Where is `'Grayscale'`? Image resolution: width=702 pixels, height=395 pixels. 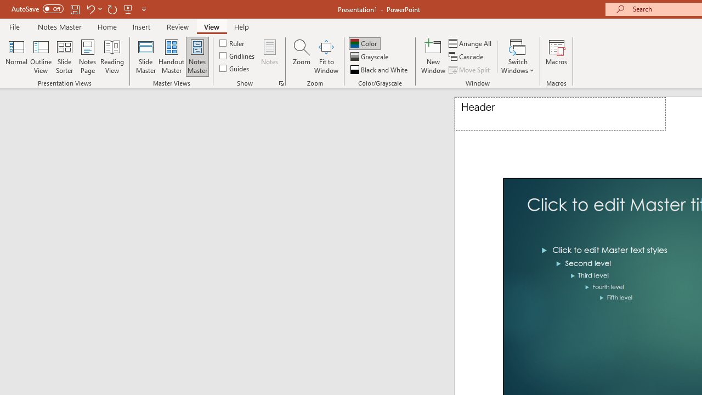
'Grayscale' is located at coordinates (370, 57).